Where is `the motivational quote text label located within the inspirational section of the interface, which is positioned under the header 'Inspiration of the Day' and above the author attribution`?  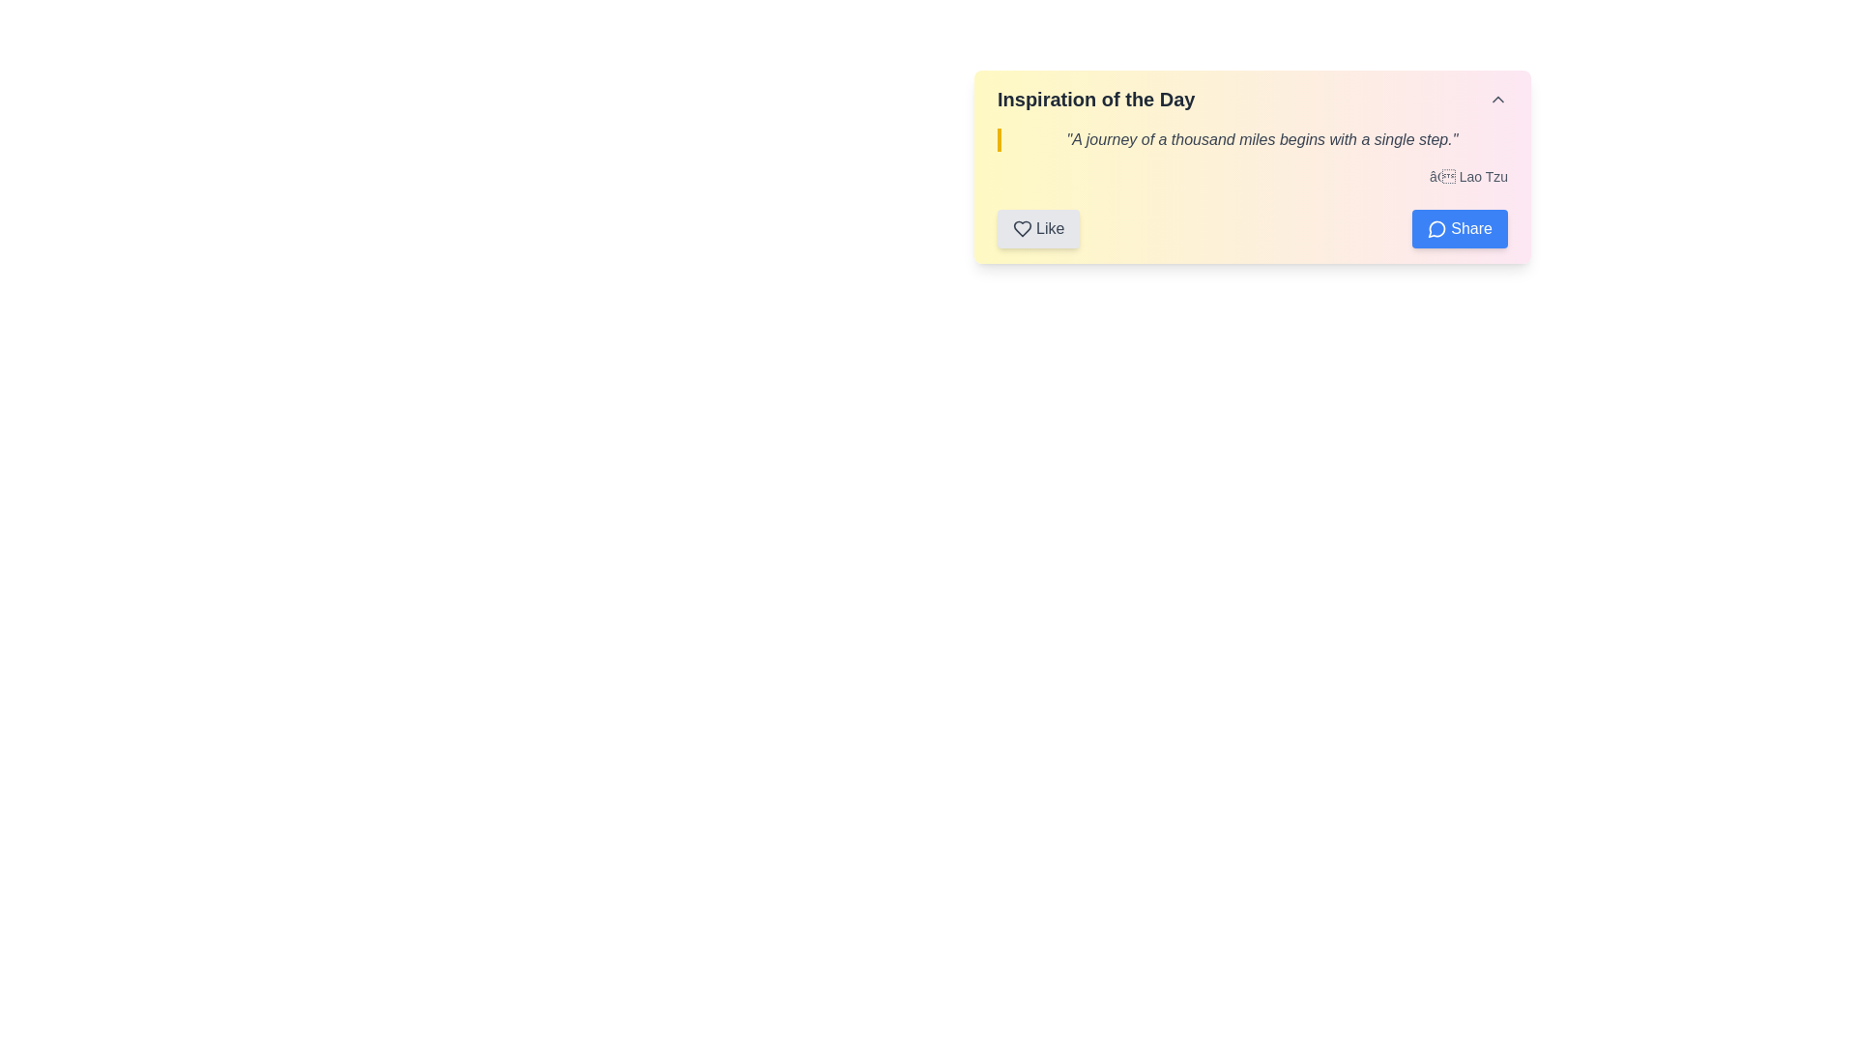
the motivational quote text label located within the inspirational section of the interface, which is positioned under the header 'Inspiration of the Day' and above the author attribution is located at coordinates (1253, 139).